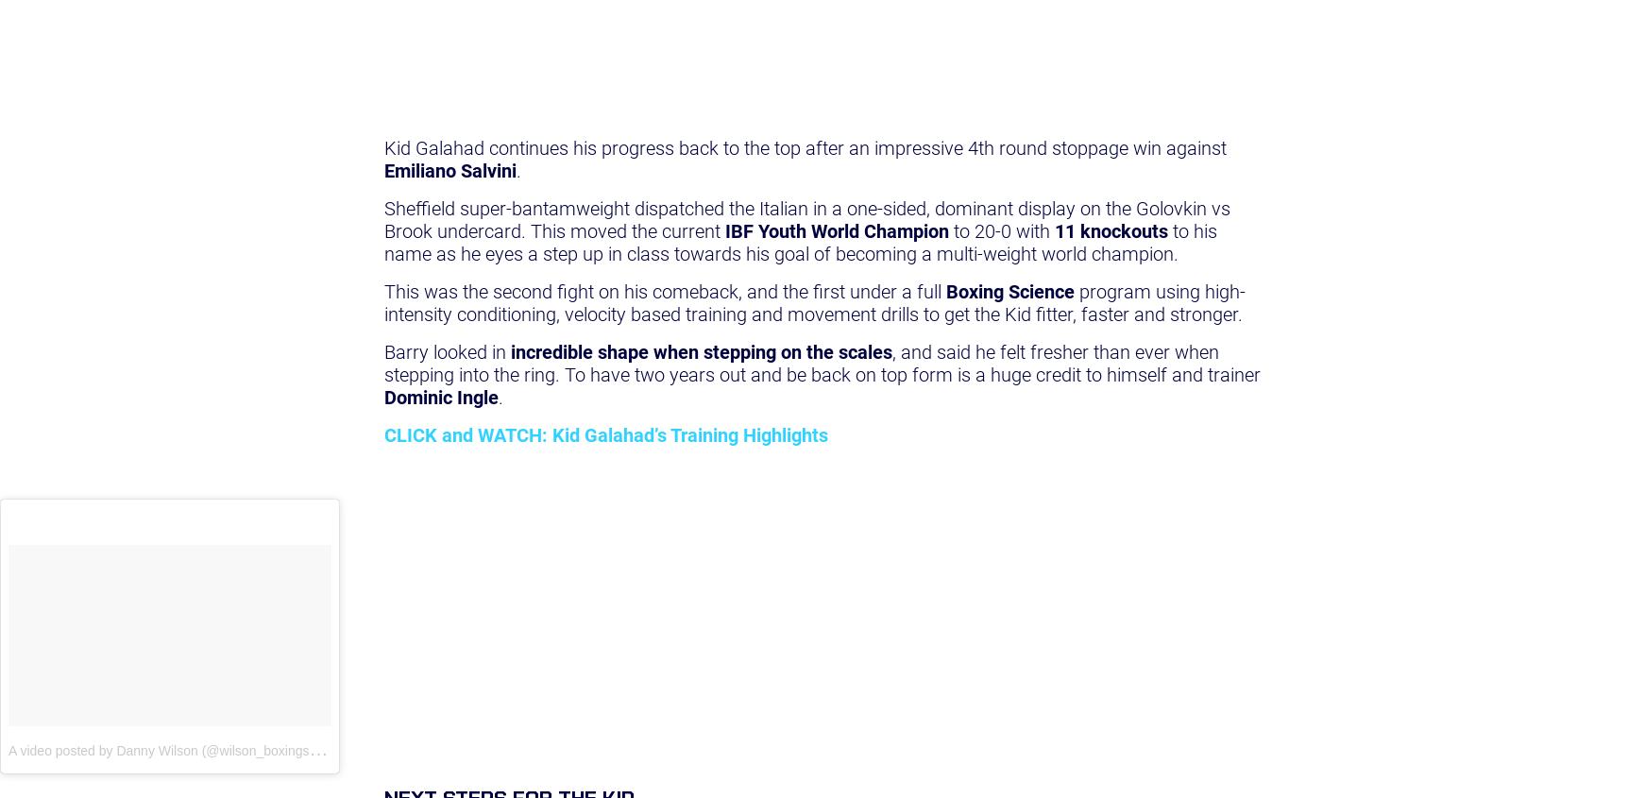  I want to click on 'A video posted by Danny Wilson (@wilson_boxingscience)', so click(179, 750).